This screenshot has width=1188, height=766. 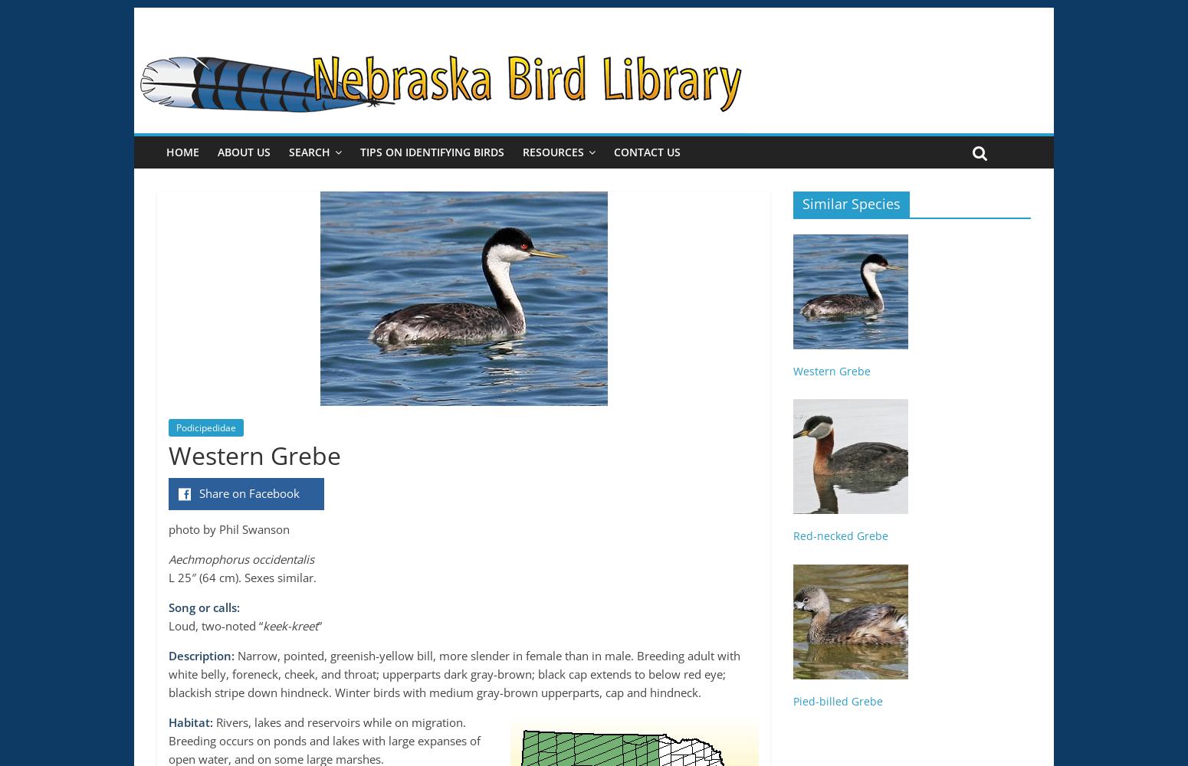 What do you see at coordinates (793, 700) in the screenshot?
I see `'Pied-billed Grebe'` at bounding box center [793, 700].